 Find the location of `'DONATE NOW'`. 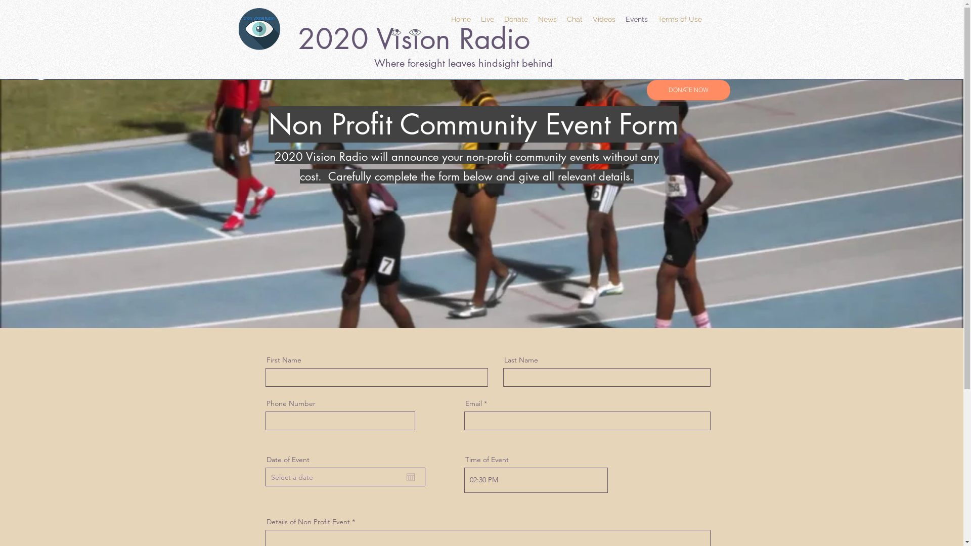

'DONATE NOW' is located at coordinates (688, 89).